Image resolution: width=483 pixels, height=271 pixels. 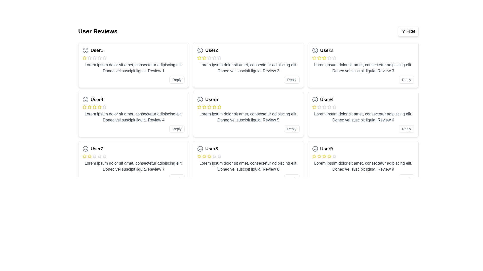 I want to click on the fourth star icon in User5's review card to change the rating in the star rating system, so click(x=209, y=107).